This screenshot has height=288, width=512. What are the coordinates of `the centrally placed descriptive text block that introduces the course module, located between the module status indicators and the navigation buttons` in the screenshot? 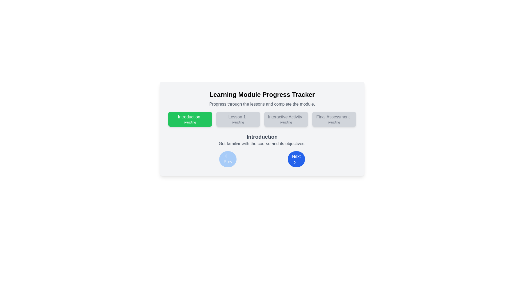 It's located at (262, 139).